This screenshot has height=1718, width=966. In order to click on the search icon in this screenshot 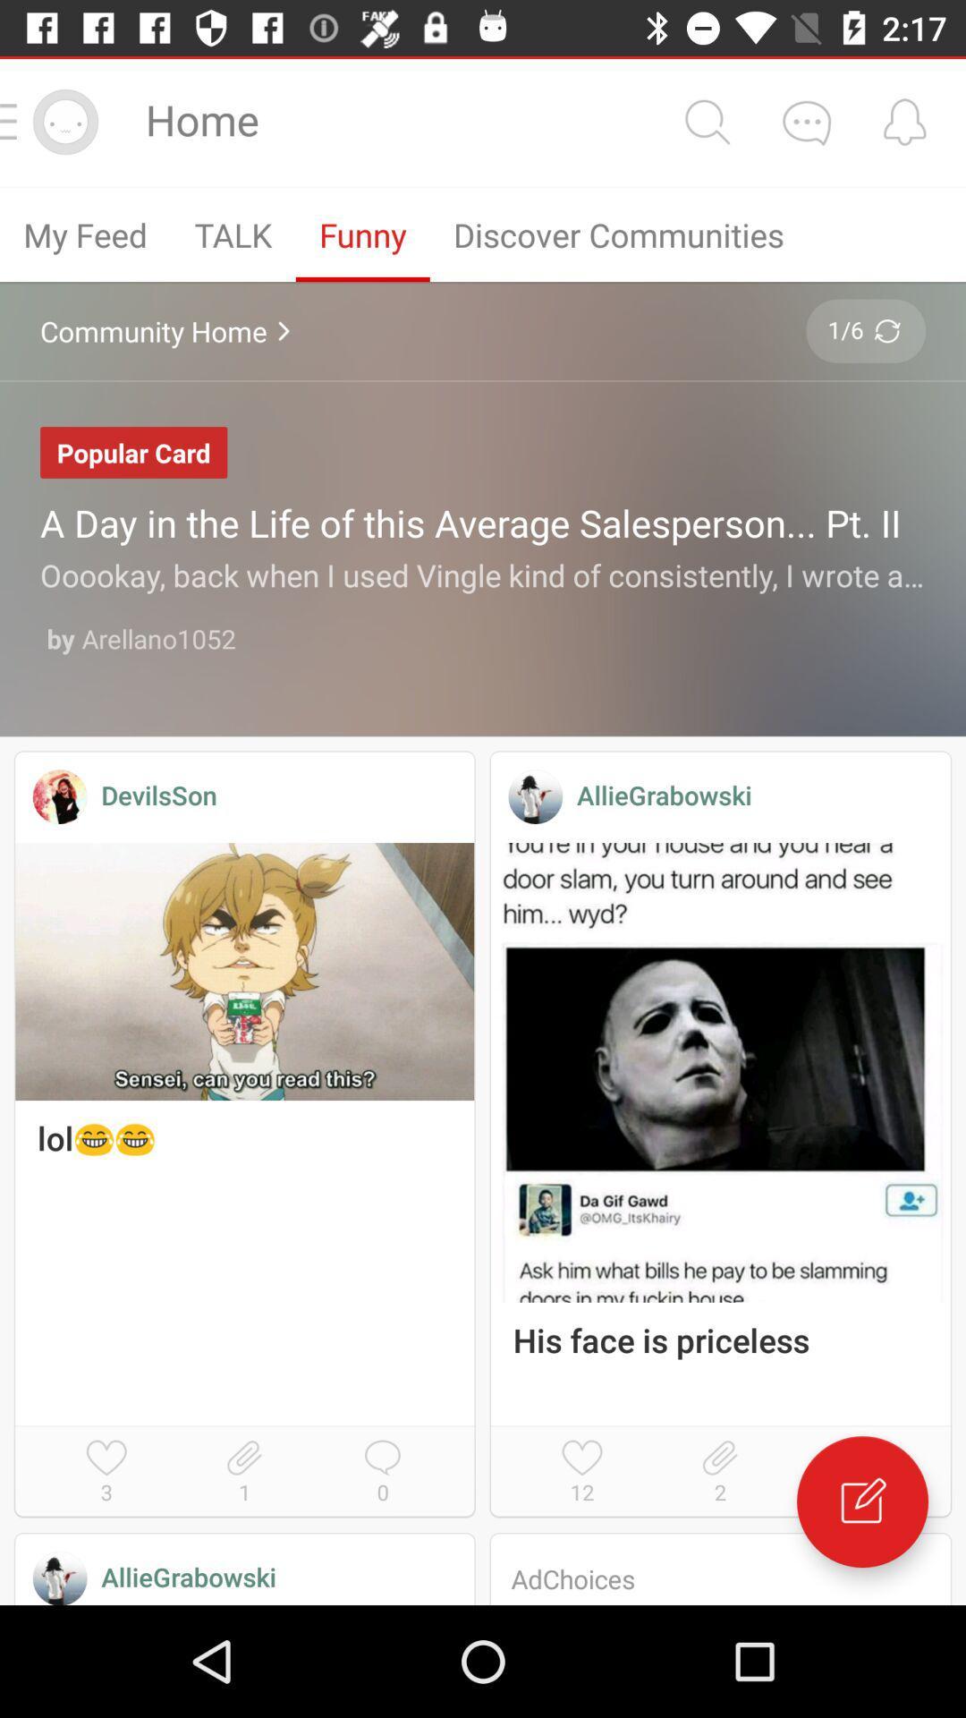, I will do `click(706, 121)`.